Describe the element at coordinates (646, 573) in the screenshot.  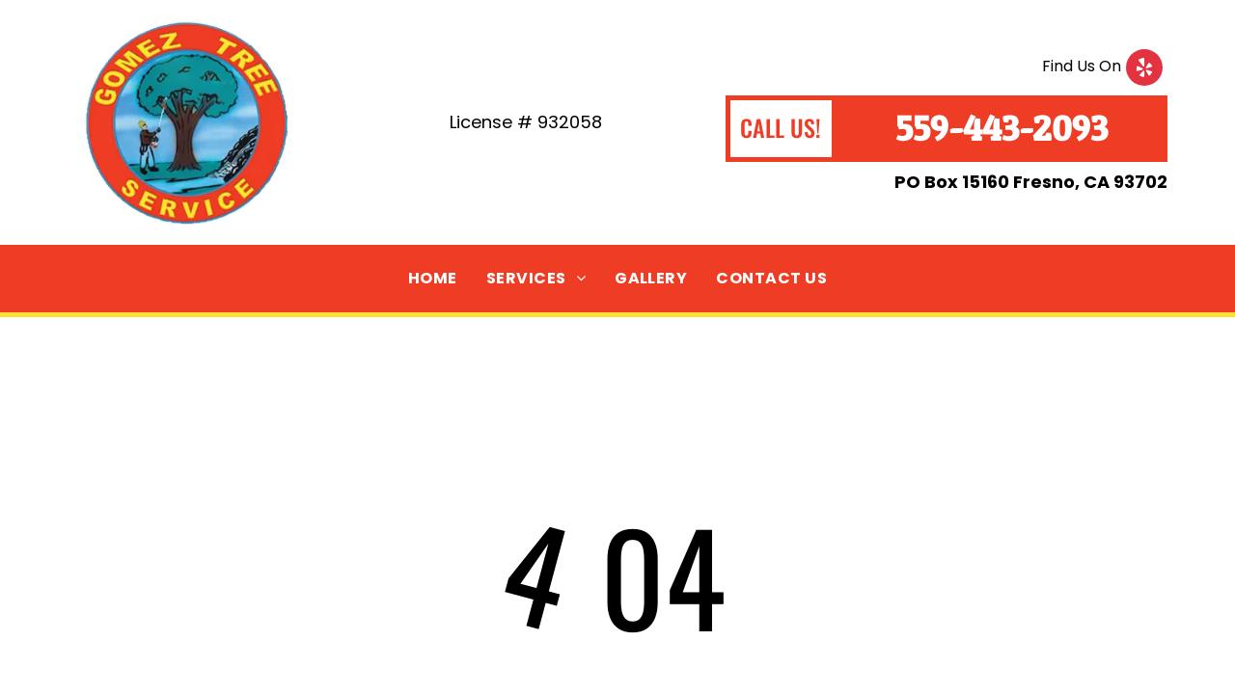
I see `'04'` at that location.